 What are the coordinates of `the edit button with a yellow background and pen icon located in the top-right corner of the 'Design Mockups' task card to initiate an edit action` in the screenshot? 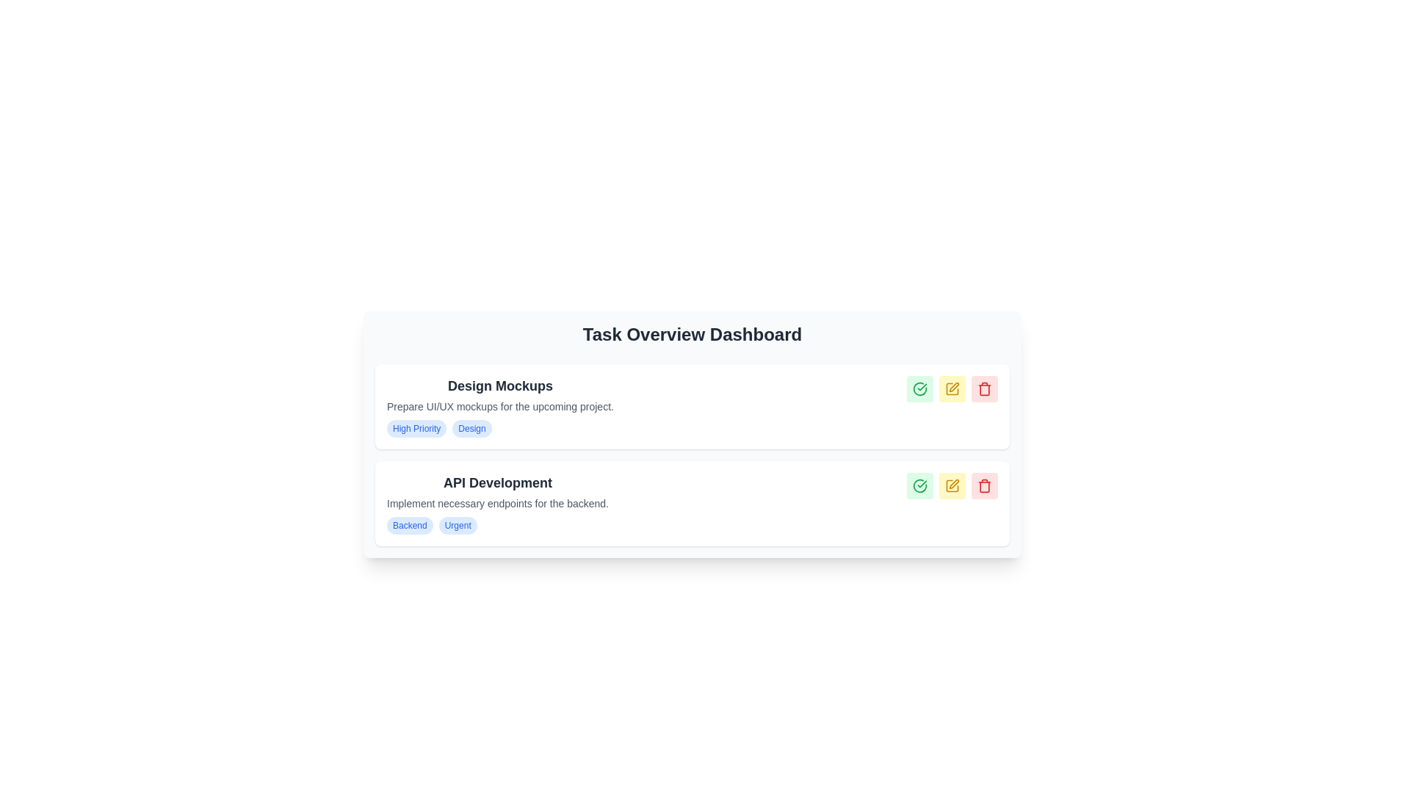 It's located at (952, 388).